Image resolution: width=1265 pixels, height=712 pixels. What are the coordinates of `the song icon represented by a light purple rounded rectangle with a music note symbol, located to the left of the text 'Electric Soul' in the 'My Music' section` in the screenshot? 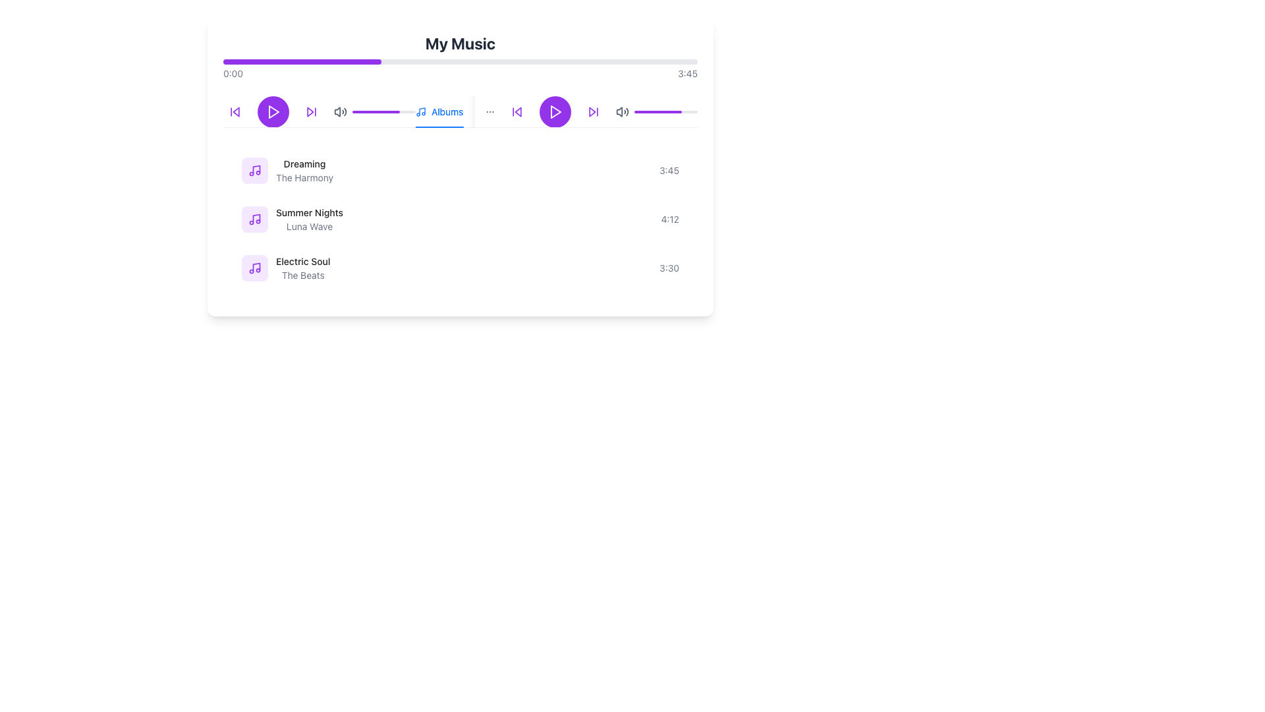 It's located at (255, 268).